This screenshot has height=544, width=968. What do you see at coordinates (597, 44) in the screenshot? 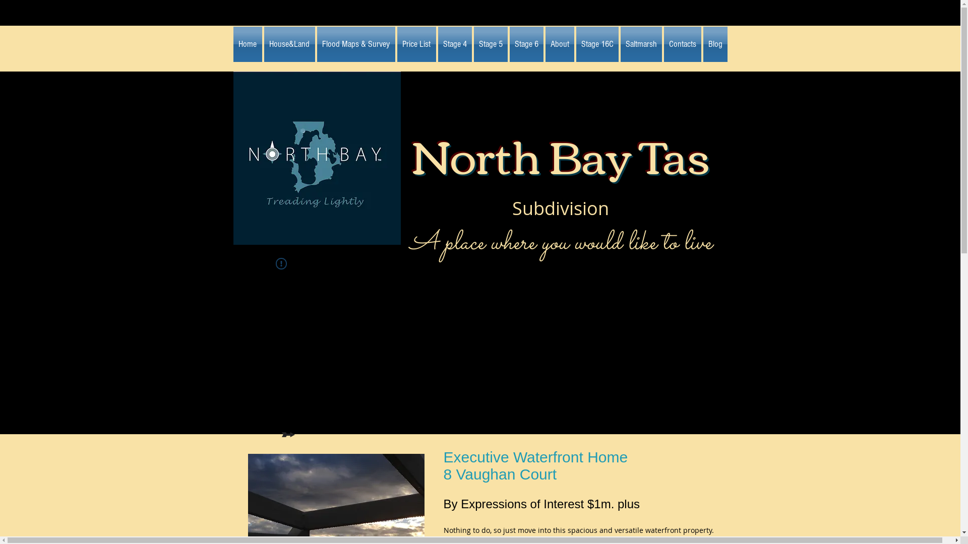
I see `'Stage 16C'` at bounding box center [597, 44].